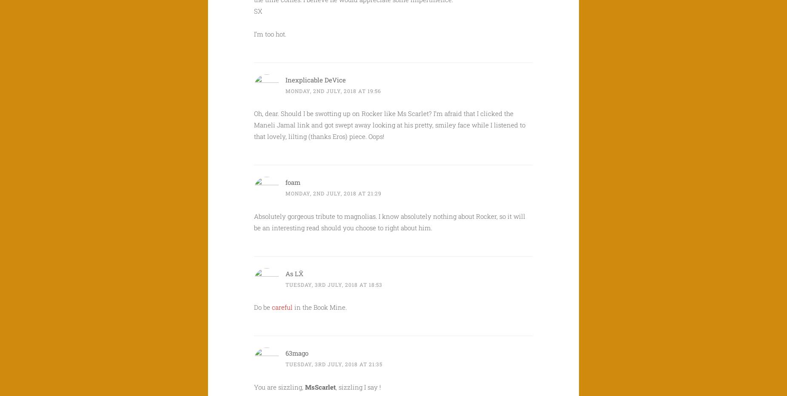 This screenshot has width=787, height=396. Describe the element at coordinates (297, 352) in the screenshot. I see `'63mago'` at that location.